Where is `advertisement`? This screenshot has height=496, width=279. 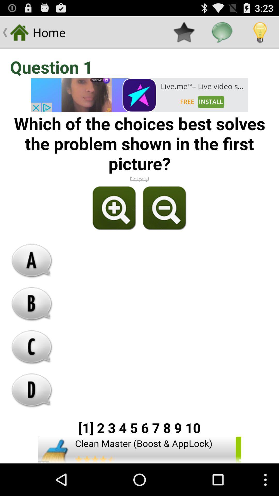 advertisement is located at coordinates (139, 95).